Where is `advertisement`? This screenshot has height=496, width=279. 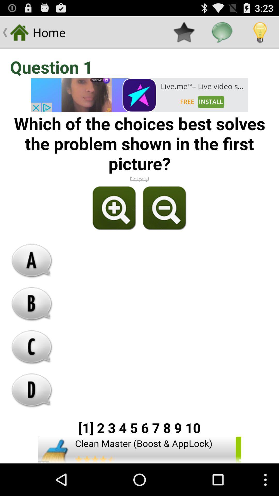 advertisement is located at coordinates (139, 95).